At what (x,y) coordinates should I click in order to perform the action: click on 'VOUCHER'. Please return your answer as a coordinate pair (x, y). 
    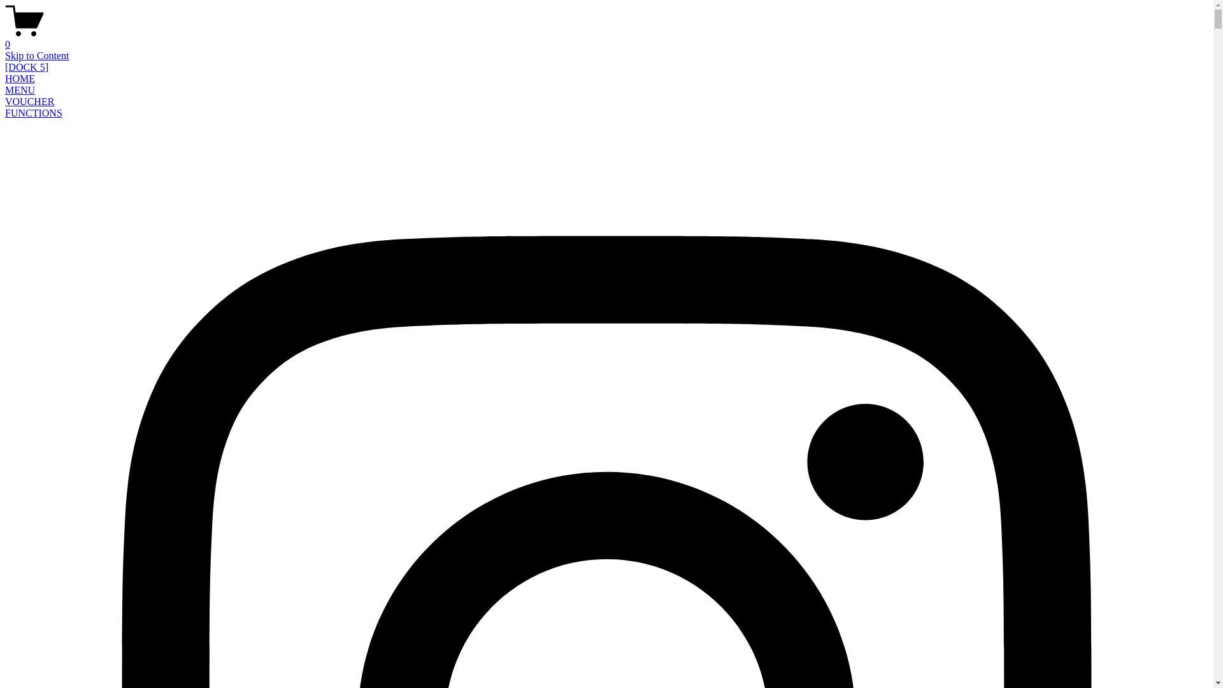
    Looking at the image, I should click on (29, 101).